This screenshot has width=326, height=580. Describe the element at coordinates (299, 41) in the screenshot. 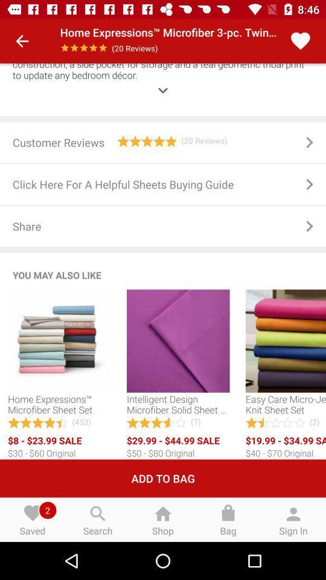

I see `favourite this item` at that location.